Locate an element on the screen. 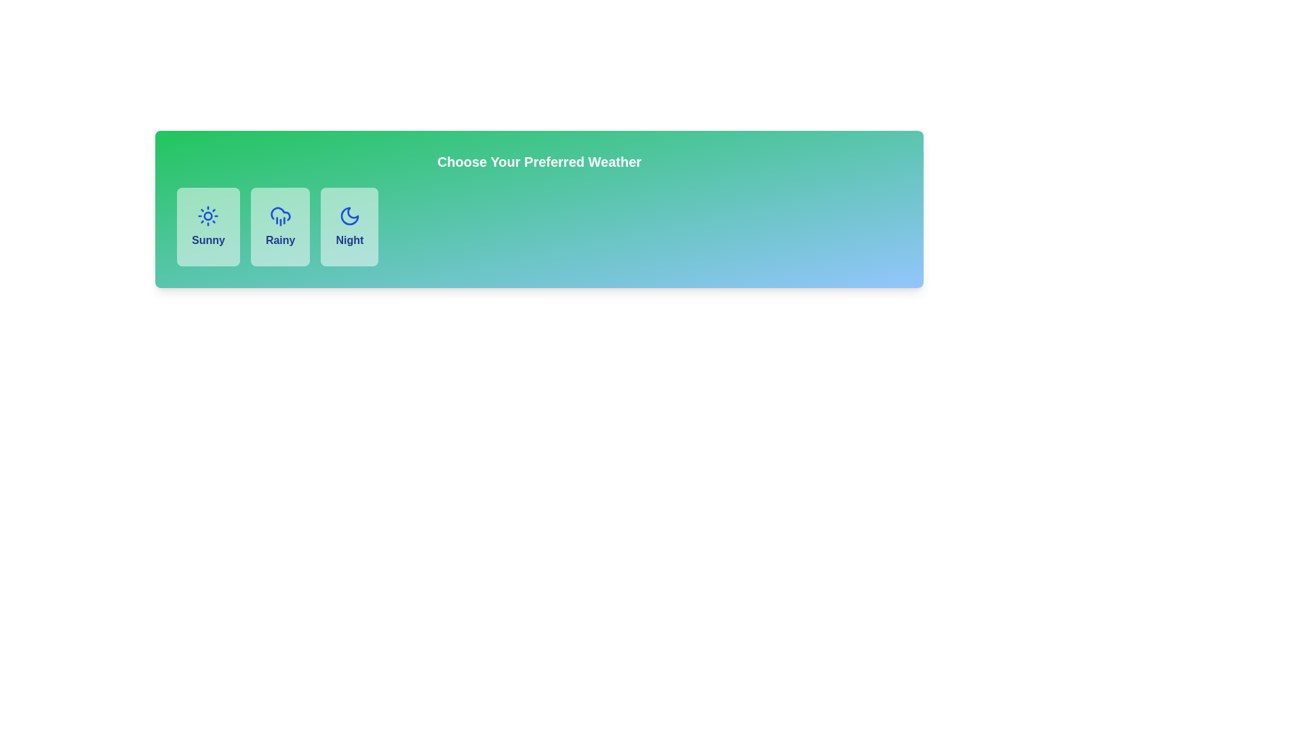 The width and height of the screenshot is (1302, 732). the SVG circle element that represents the sunny weather option, located at the top-left section of the application interface is located at coordinates (208, 216).